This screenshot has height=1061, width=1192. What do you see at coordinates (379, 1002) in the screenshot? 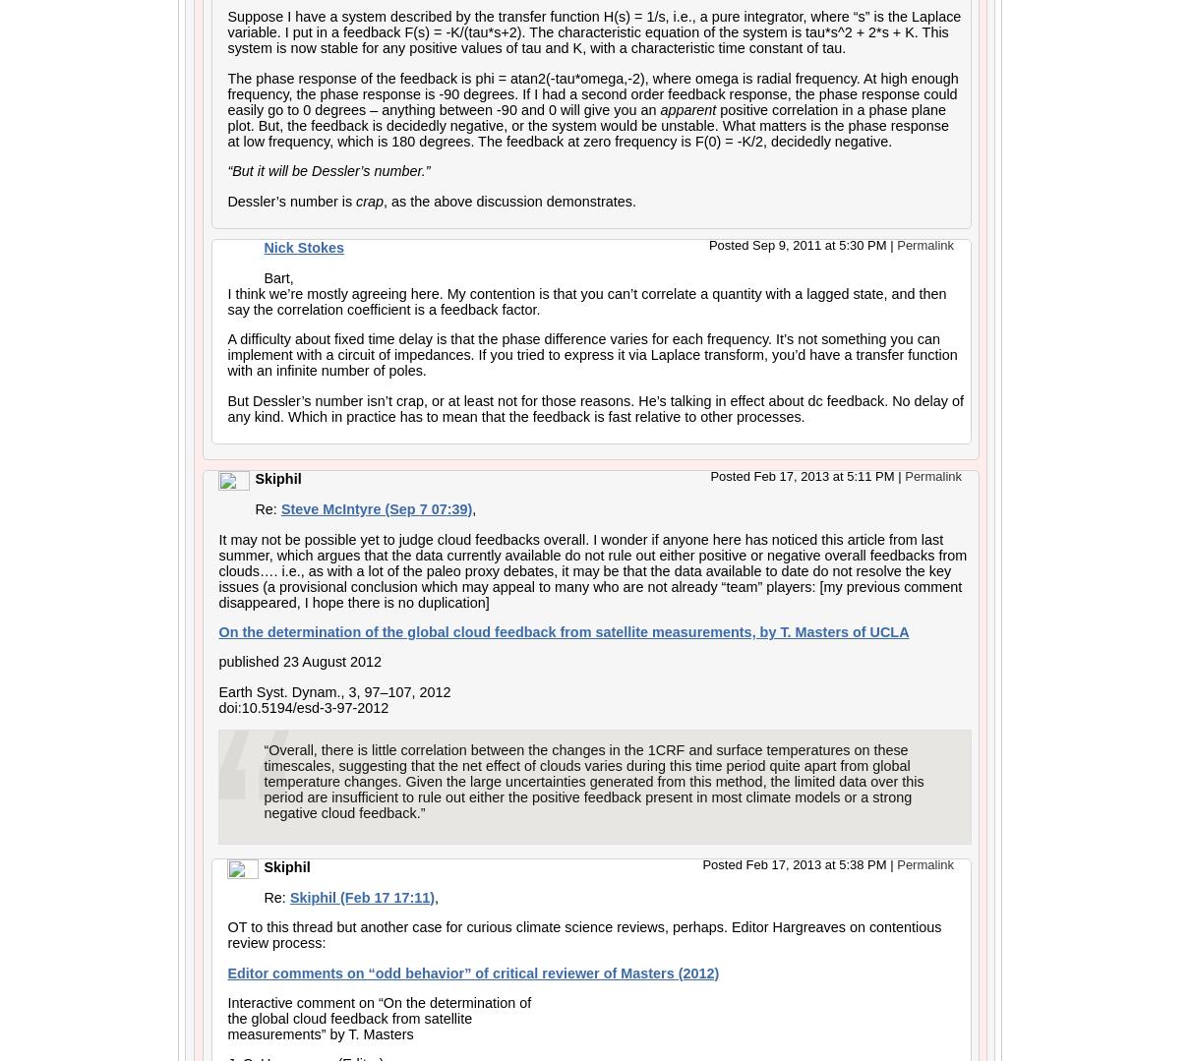
I see `'Interactive comment on “On the determination of'` at bounding box center [379, 1002].